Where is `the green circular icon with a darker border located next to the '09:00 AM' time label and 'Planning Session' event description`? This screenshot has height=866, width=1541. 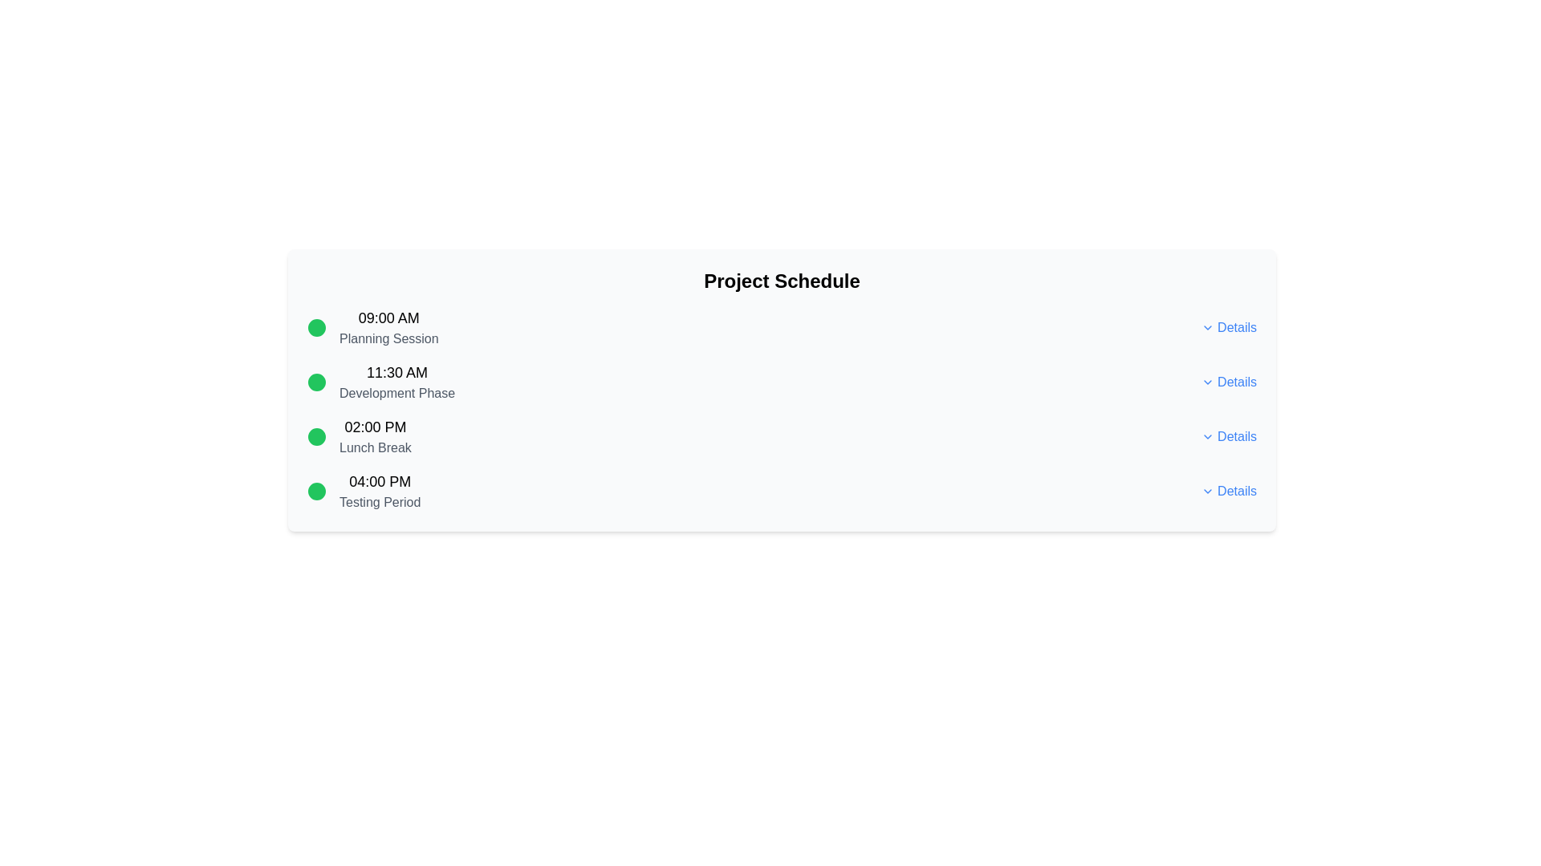 the green circular icon with a darker border located next to the '09:00 AM' time label and 'Planning Session' event description is located at coordinates (316, 326).